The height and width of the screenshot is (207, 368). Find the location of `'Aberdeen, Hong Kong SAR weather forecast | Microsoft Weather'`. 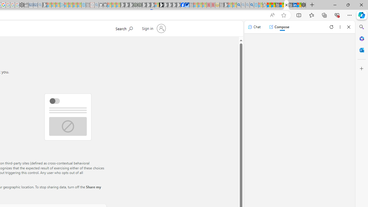

'Aberdeen, Hong Kong SAR weather forecast | Microsoft Weather' is located at coordinates (273, 5).